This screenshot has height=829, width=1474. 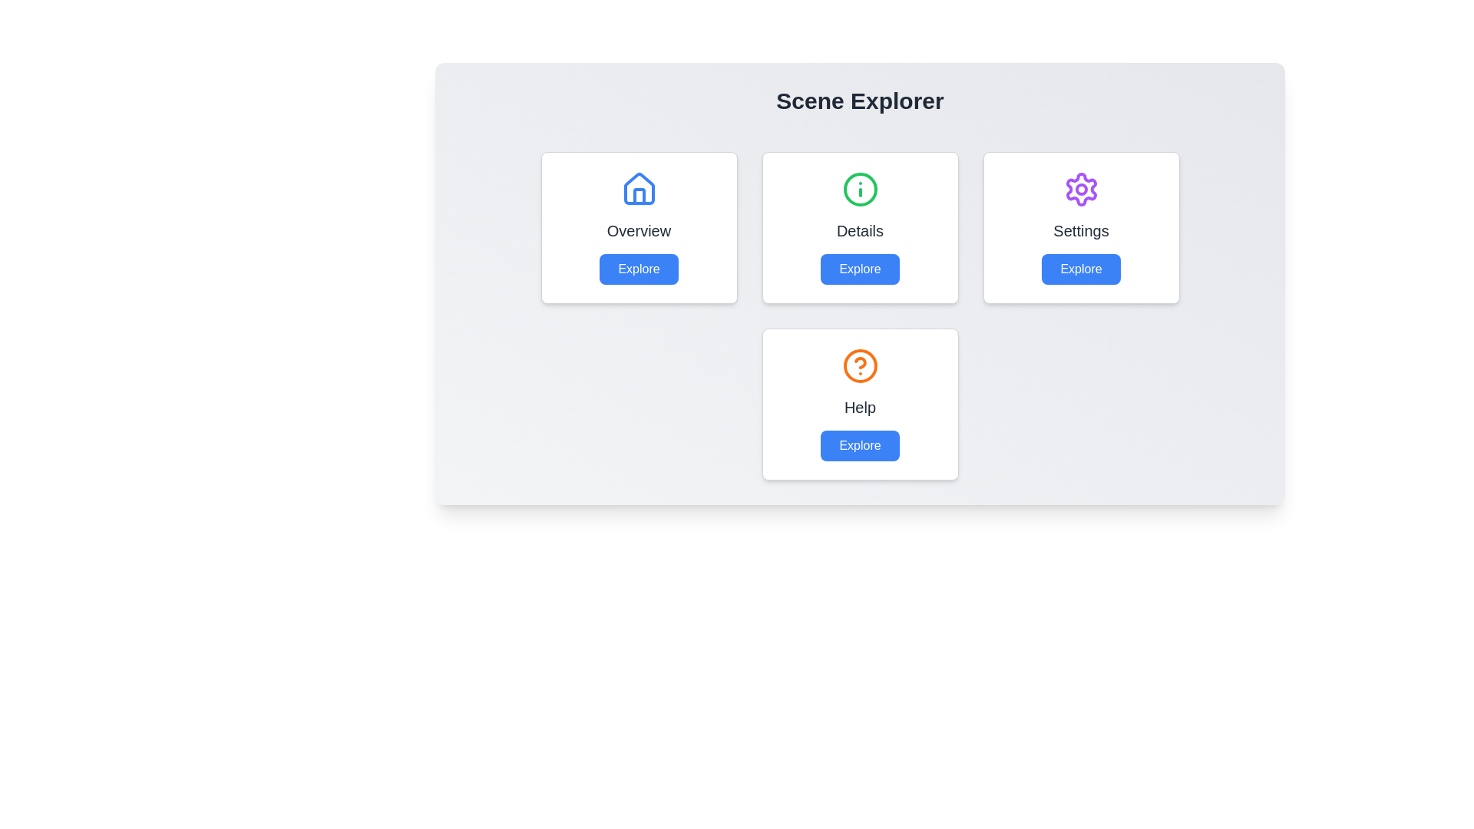 I want to click on the orange help icon featuring a question mark and dot, located in the fourth card under the 'Scene Explorer' heading, so click(x=860, y=366).